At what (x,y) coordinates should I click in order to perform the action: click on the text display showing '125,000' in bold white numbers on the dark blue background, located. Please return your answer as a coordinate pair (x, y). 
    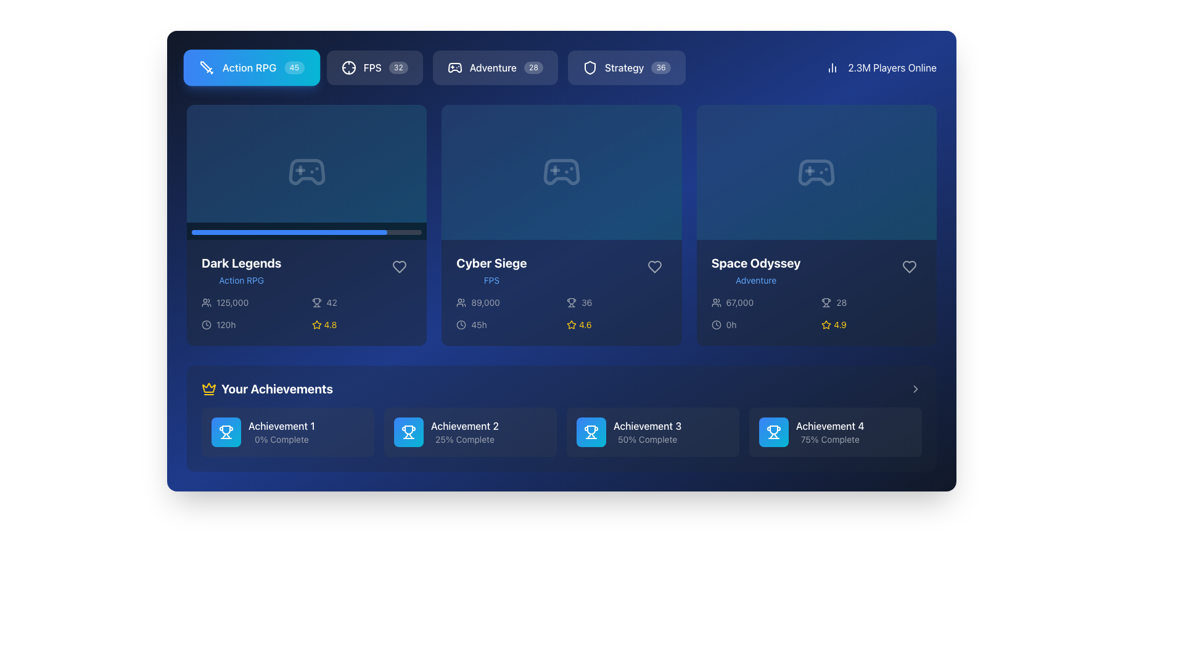
    Looking at the image, I should click on (232, 302).